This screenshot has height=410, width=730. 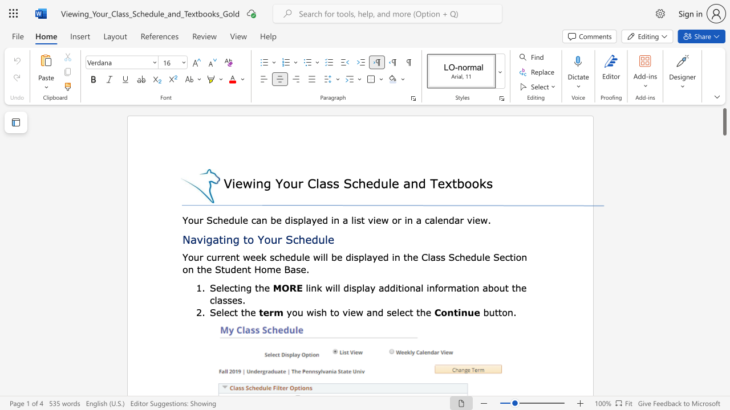 What do you see at coordinates (724, 177) in the screenshot?
I see `the scrollbar to scroll the page down` at bounding box center [724, 177].